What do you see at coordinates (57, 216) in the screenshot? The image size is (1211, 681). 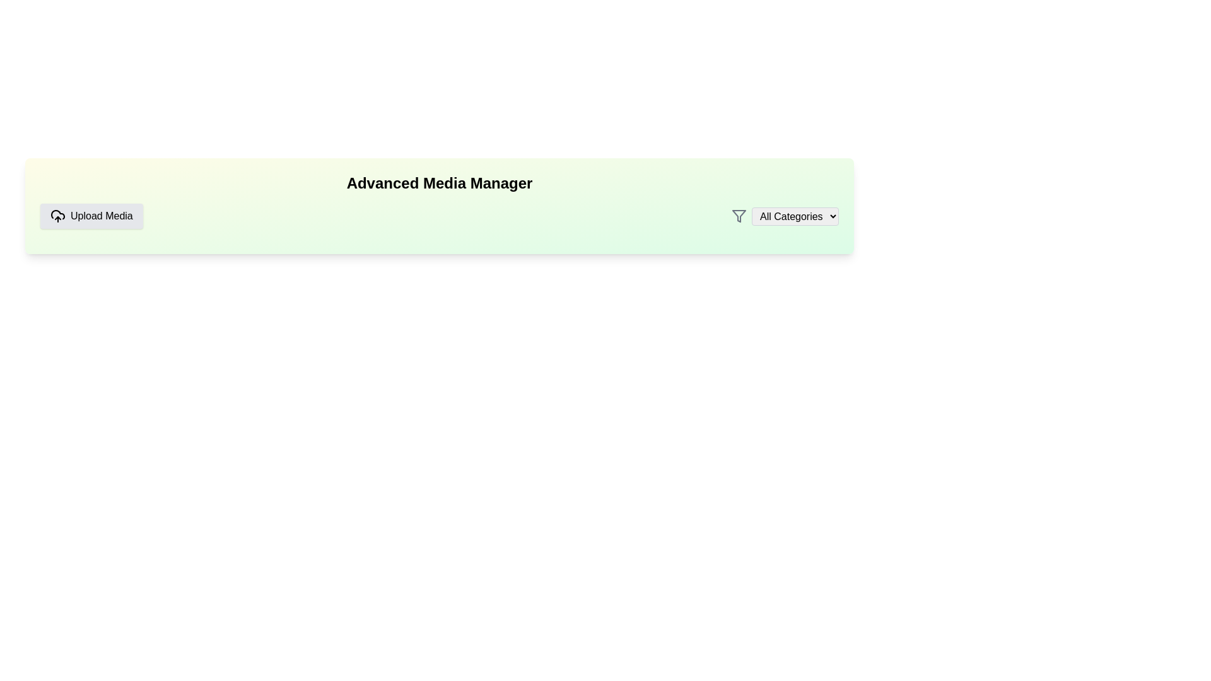 I see `the icon located to the left of the 'Upload Media' button` at bounding box center [57, 216].